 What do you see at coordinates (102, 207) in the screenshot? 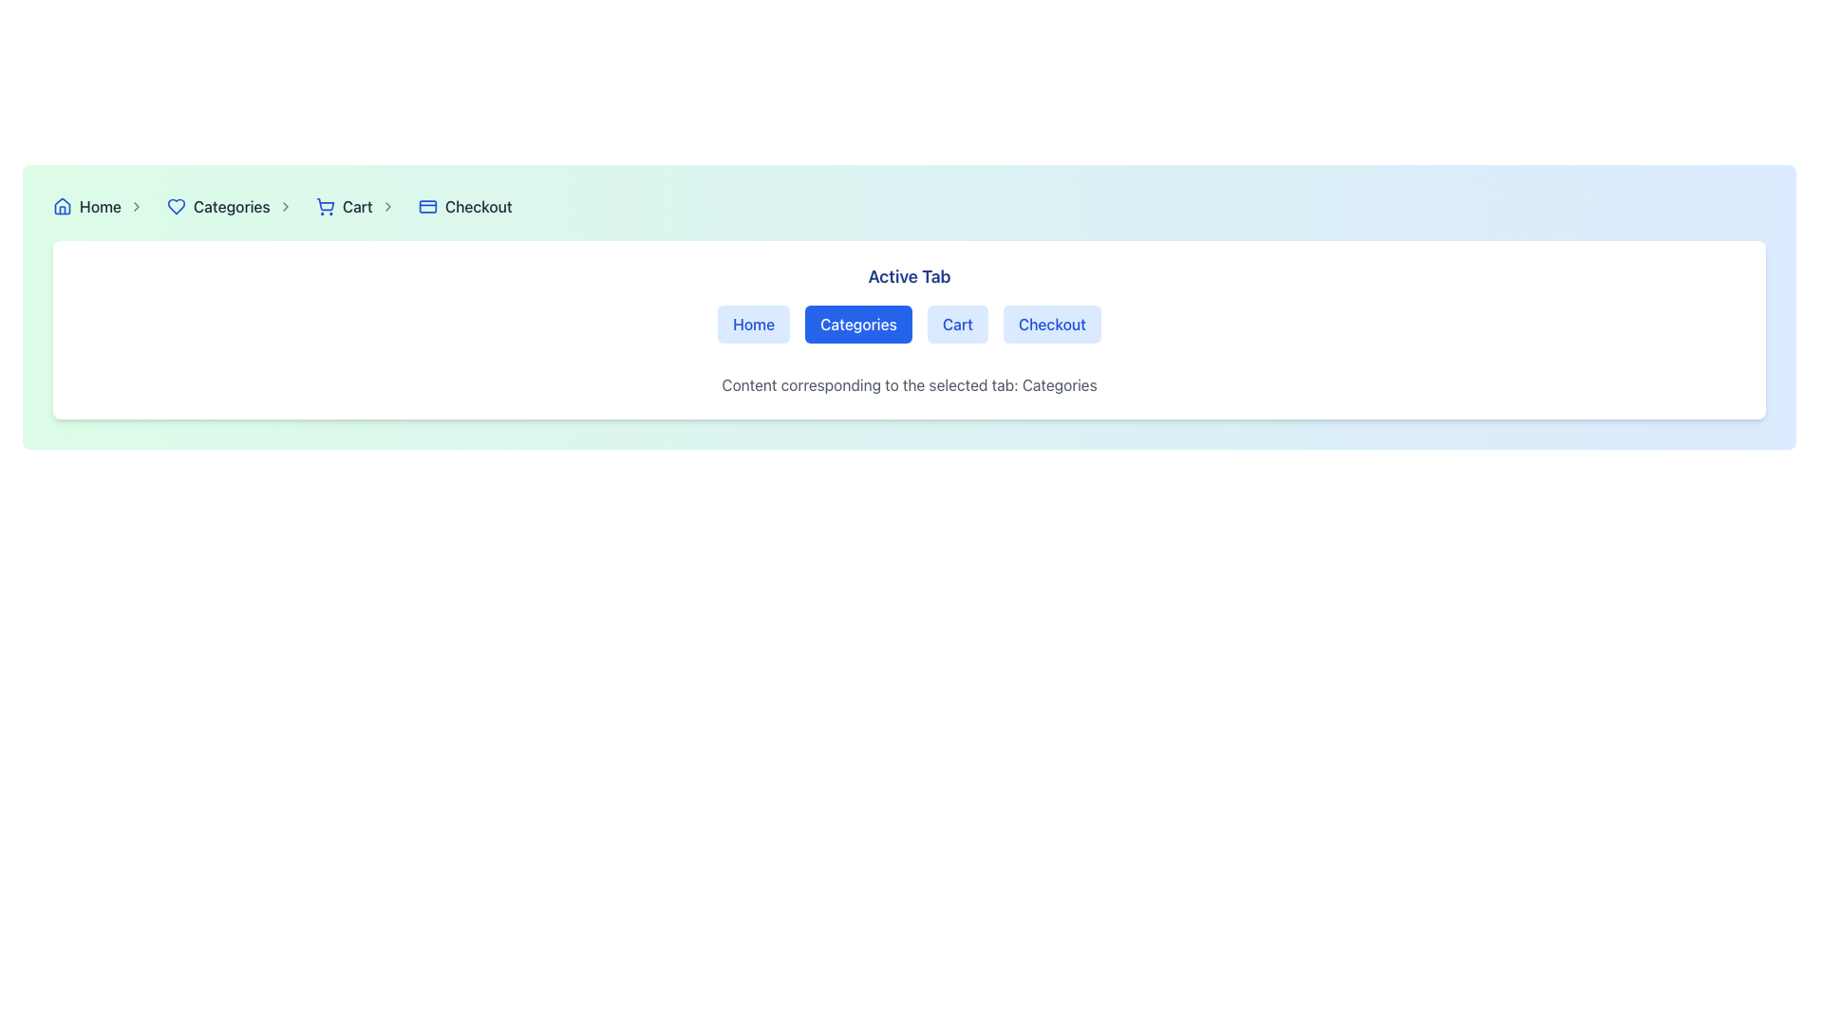
I see `the 'Home' breadcrumb link with an icon` at bounding box center [102, 207].